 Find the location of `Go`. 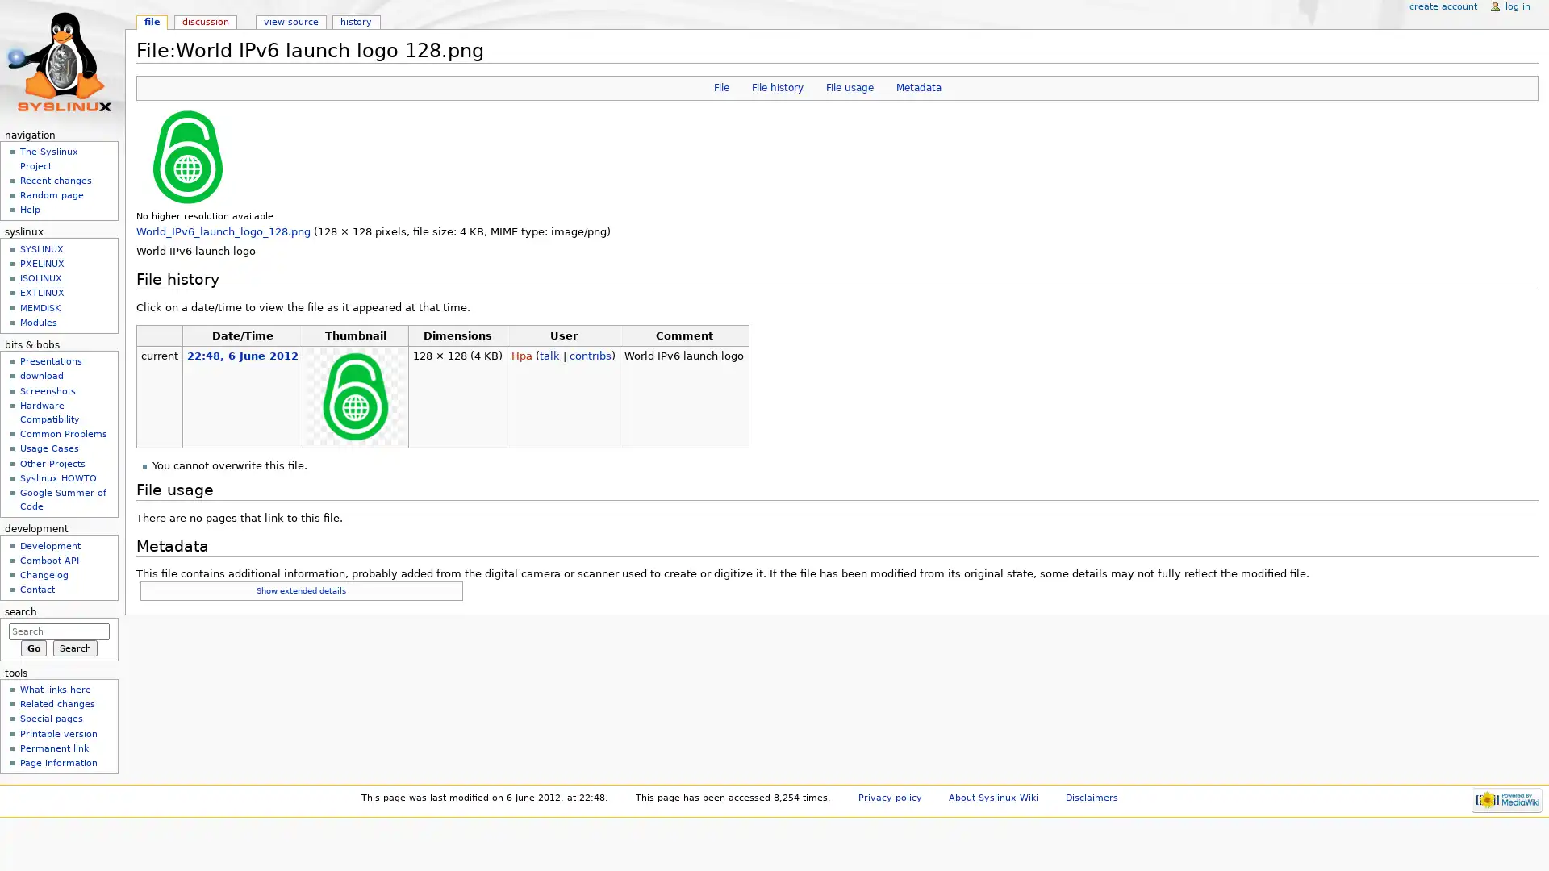

Go is located at coordinates (33, 647).